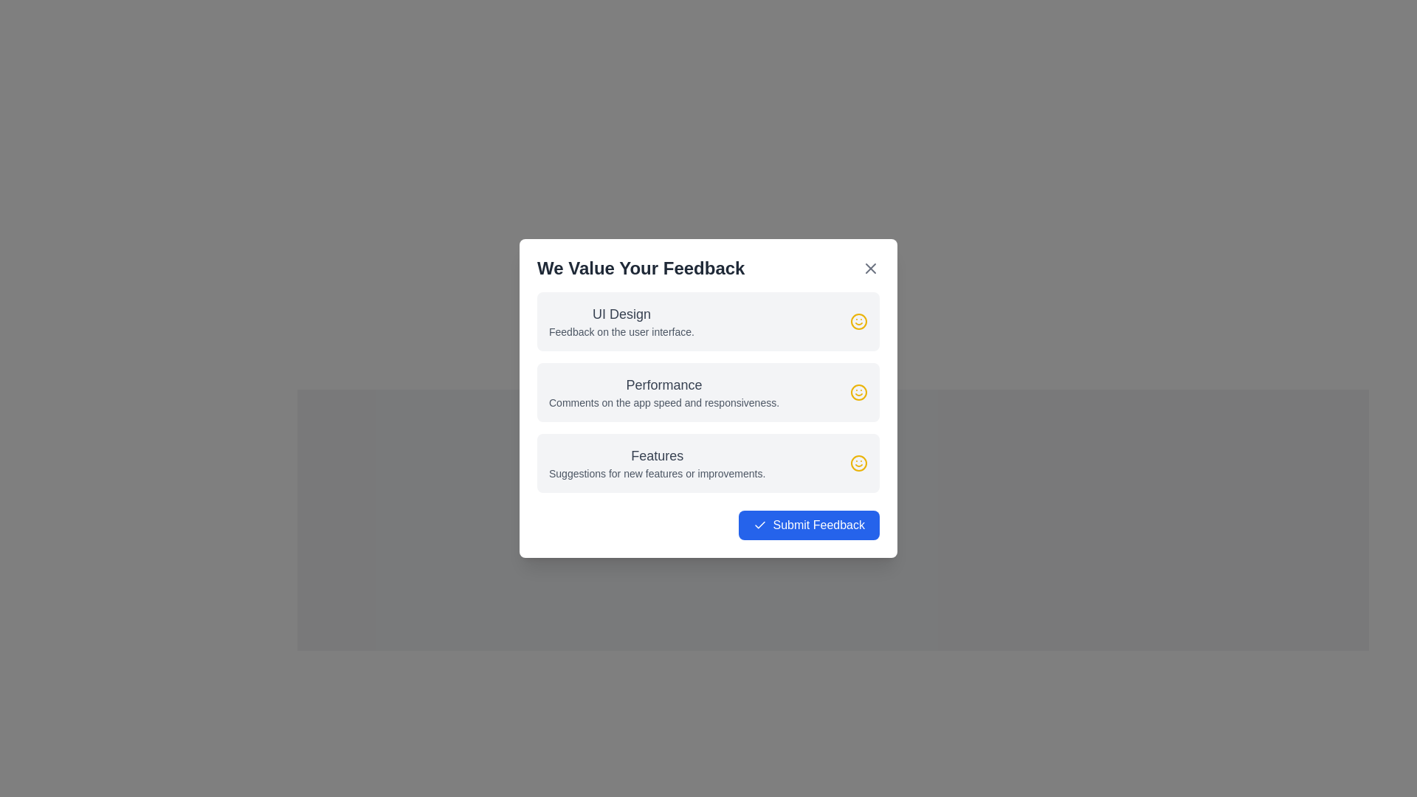 Image resolution: width=1417 pixels, height=797 pixels. I want to click on the SVG Circle representing positive feedback for the 'Features' option, located in the third row of the feedback options, so click(858, 463).